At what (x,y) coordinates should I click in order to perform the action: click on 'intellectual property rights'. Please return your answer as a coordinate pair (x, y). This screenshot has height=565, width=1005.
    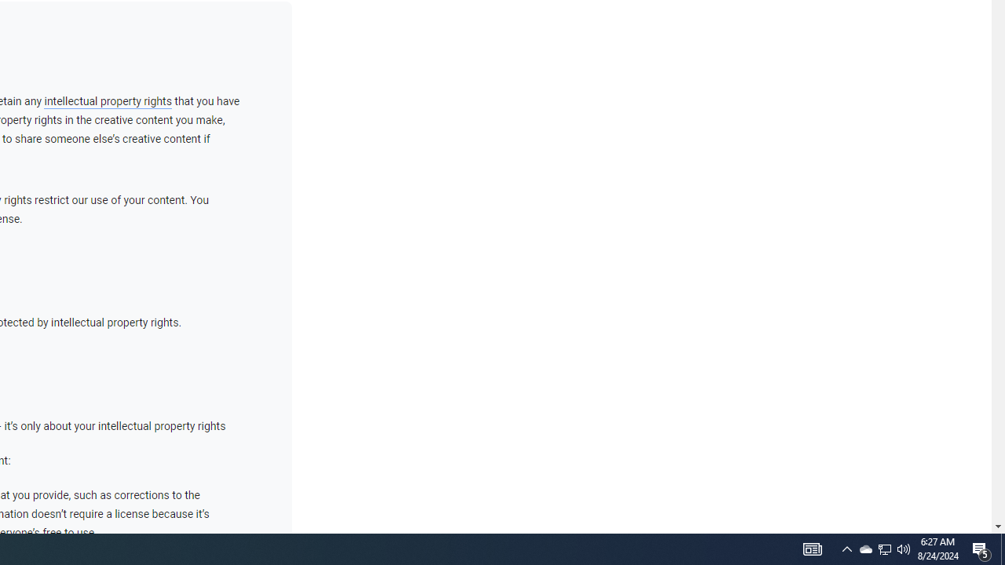
    Looking at the image, I should click on (107, 101).